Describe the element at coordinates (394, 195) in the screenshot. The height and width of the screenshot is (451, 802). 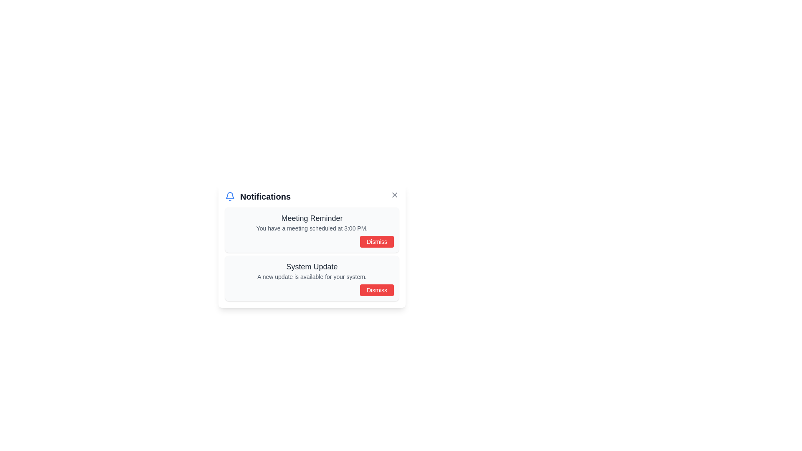
I see `the 'Close' button located in the top-right corner of the 'Notifications' header section` at that location.